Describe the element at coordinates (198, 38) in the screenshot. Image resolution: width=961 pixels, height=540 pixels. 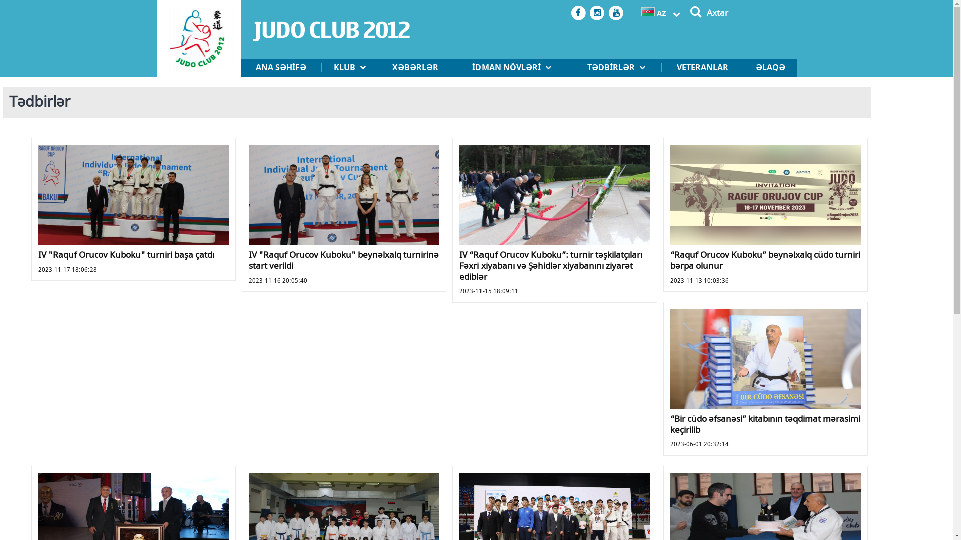
I see `'logo.png'` at that location.